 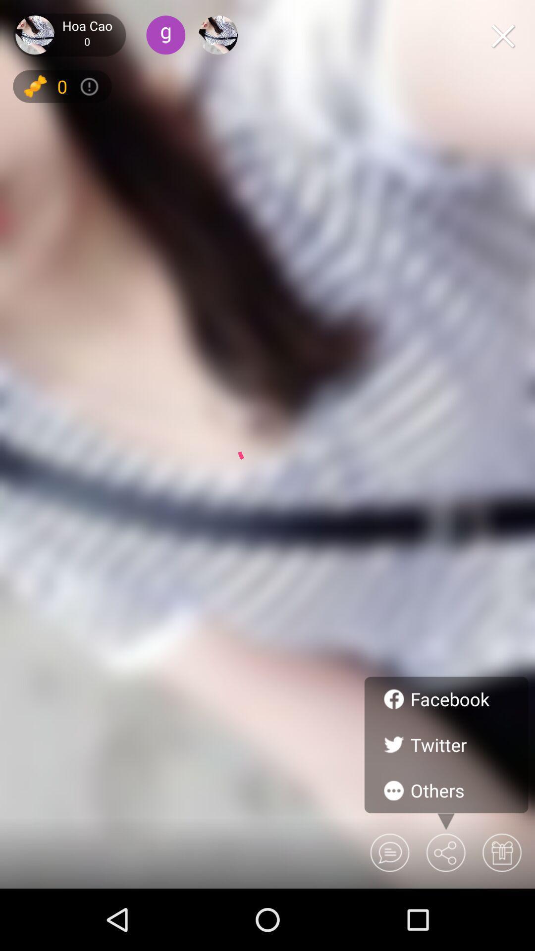 I want to click on the share icon, so click(x=445, y=852).